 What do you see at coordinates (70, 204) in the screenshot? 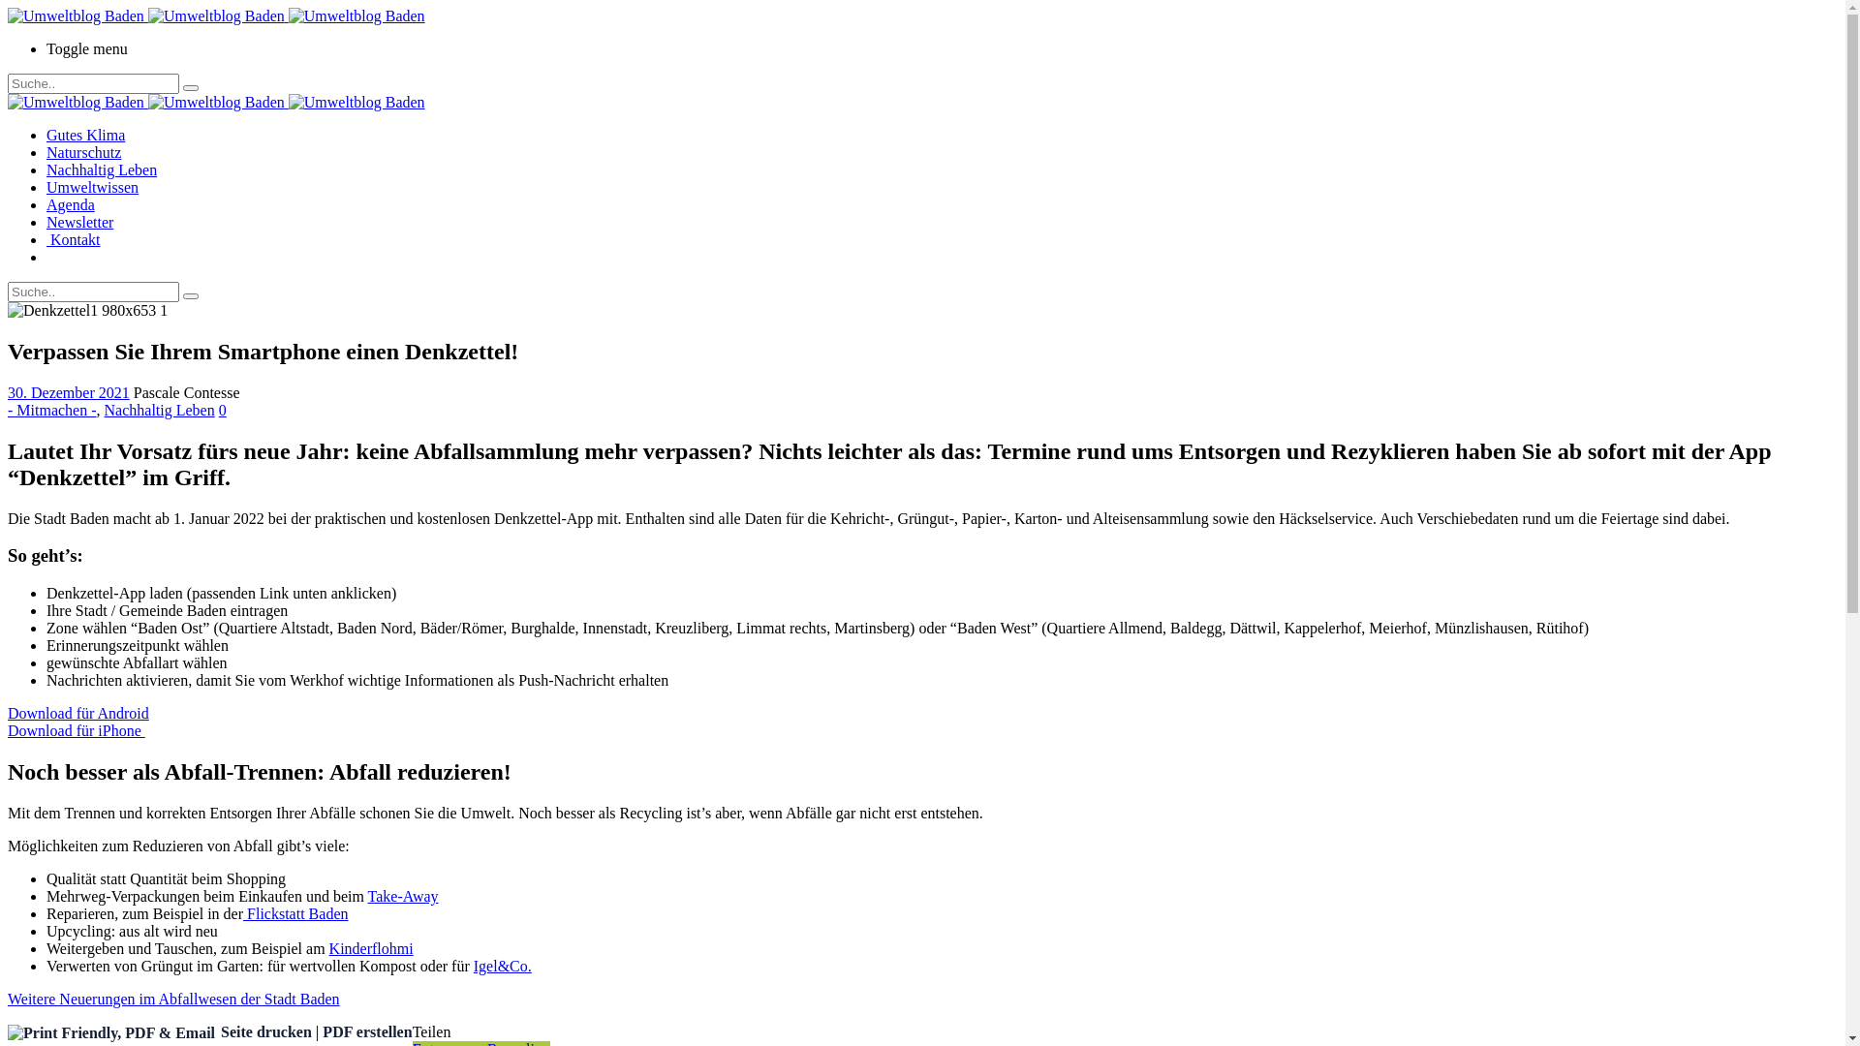
I see `'Agenda'` at bounding box center [70, 204].